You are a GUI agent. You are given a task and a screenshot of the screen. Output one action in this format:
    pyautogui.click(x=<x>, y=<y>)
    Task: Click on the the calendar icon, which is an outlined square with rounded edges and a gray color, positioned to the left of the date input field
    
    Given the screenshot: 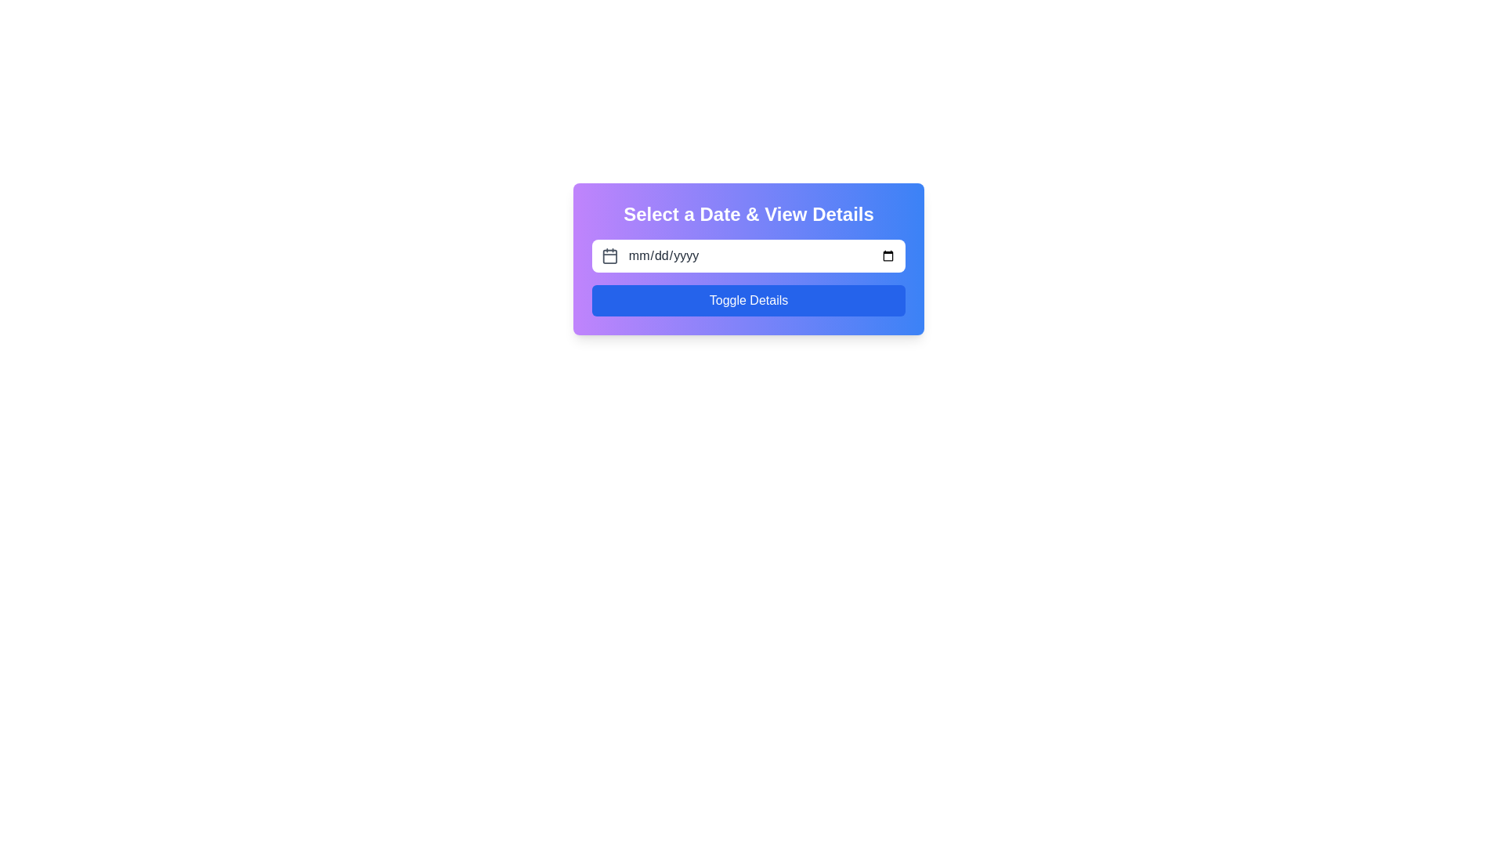 What is the action you would take?
    pyautogui.click(x=609, y=255)
    